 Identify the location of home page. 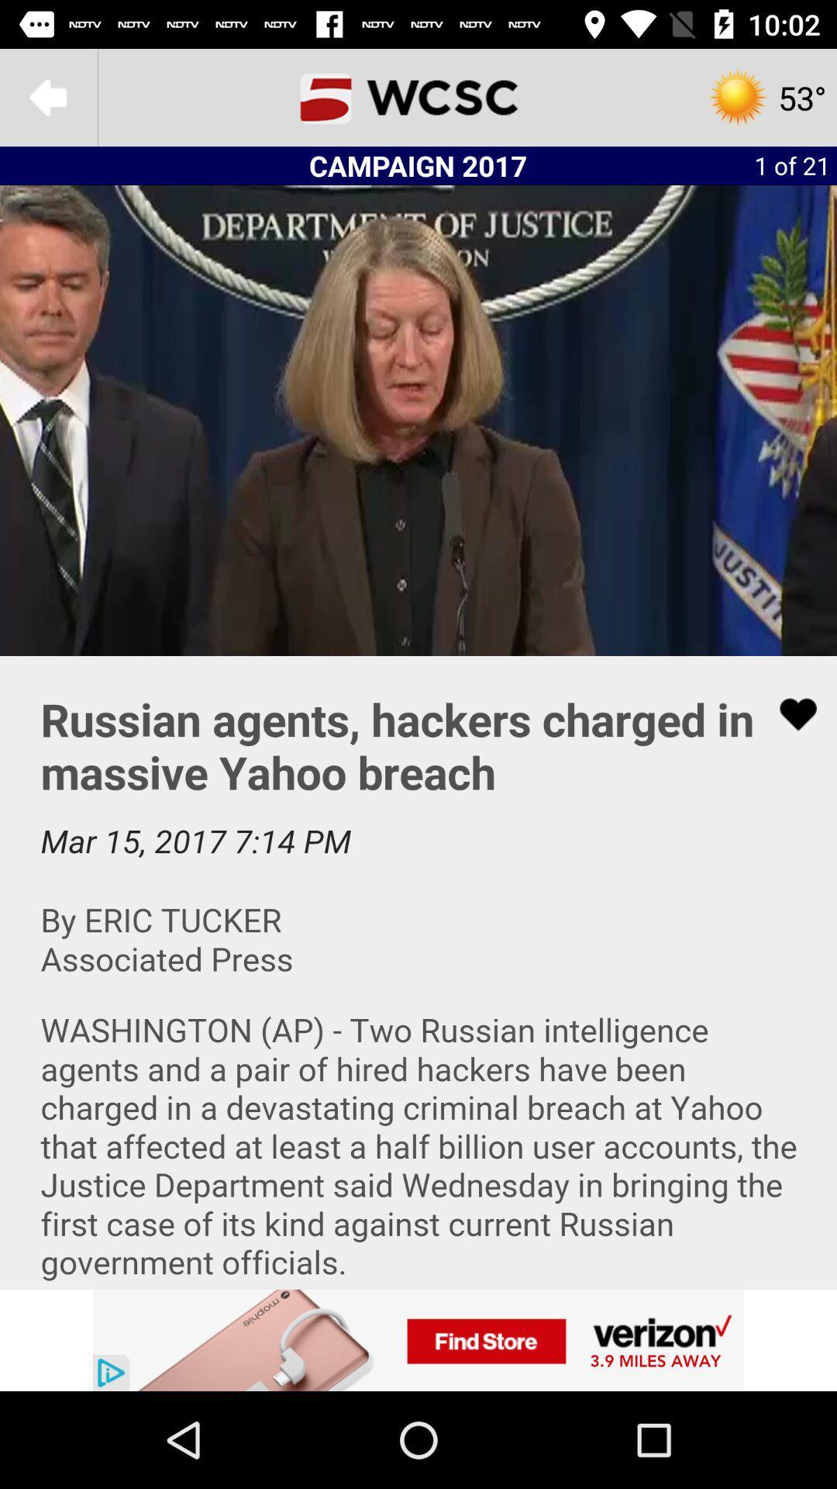
(418, 96).